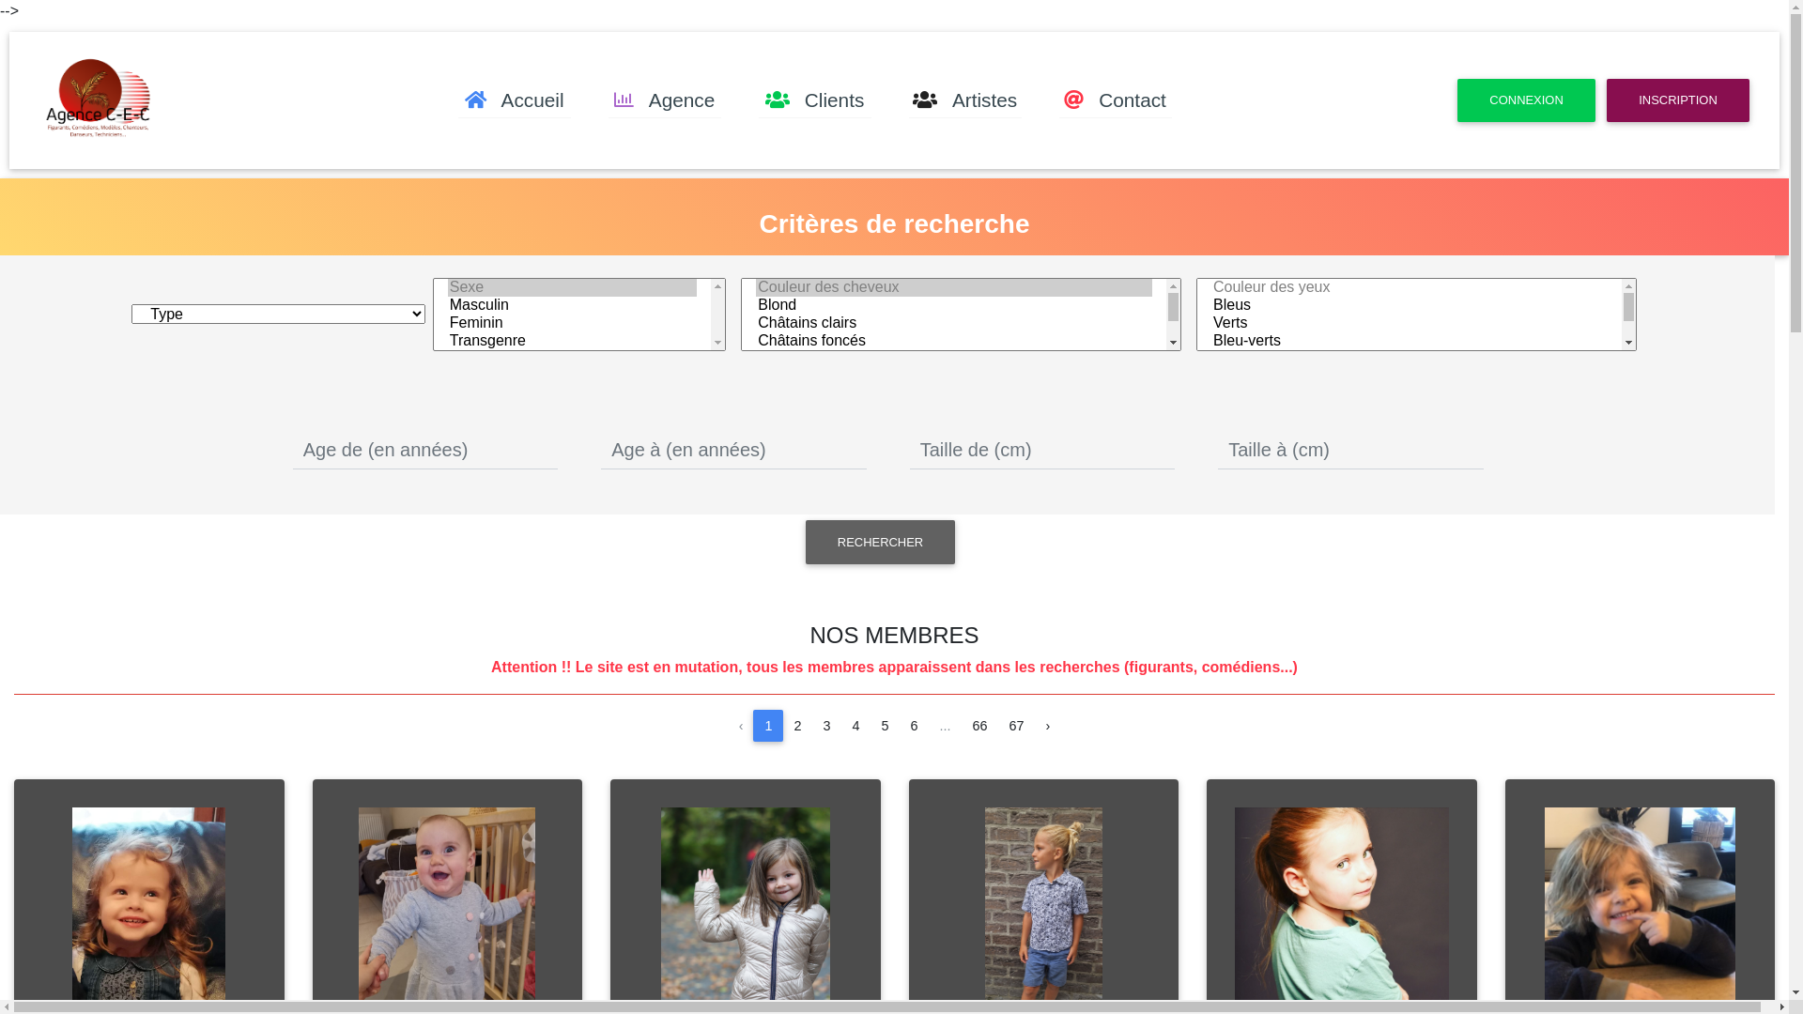 Image resolution: width=1803 pixels, height=1014 pixels. What do you see at coordinates (514, 100) in the screenshot?
I see `'Accueil'` at bounding box center [514, 100].